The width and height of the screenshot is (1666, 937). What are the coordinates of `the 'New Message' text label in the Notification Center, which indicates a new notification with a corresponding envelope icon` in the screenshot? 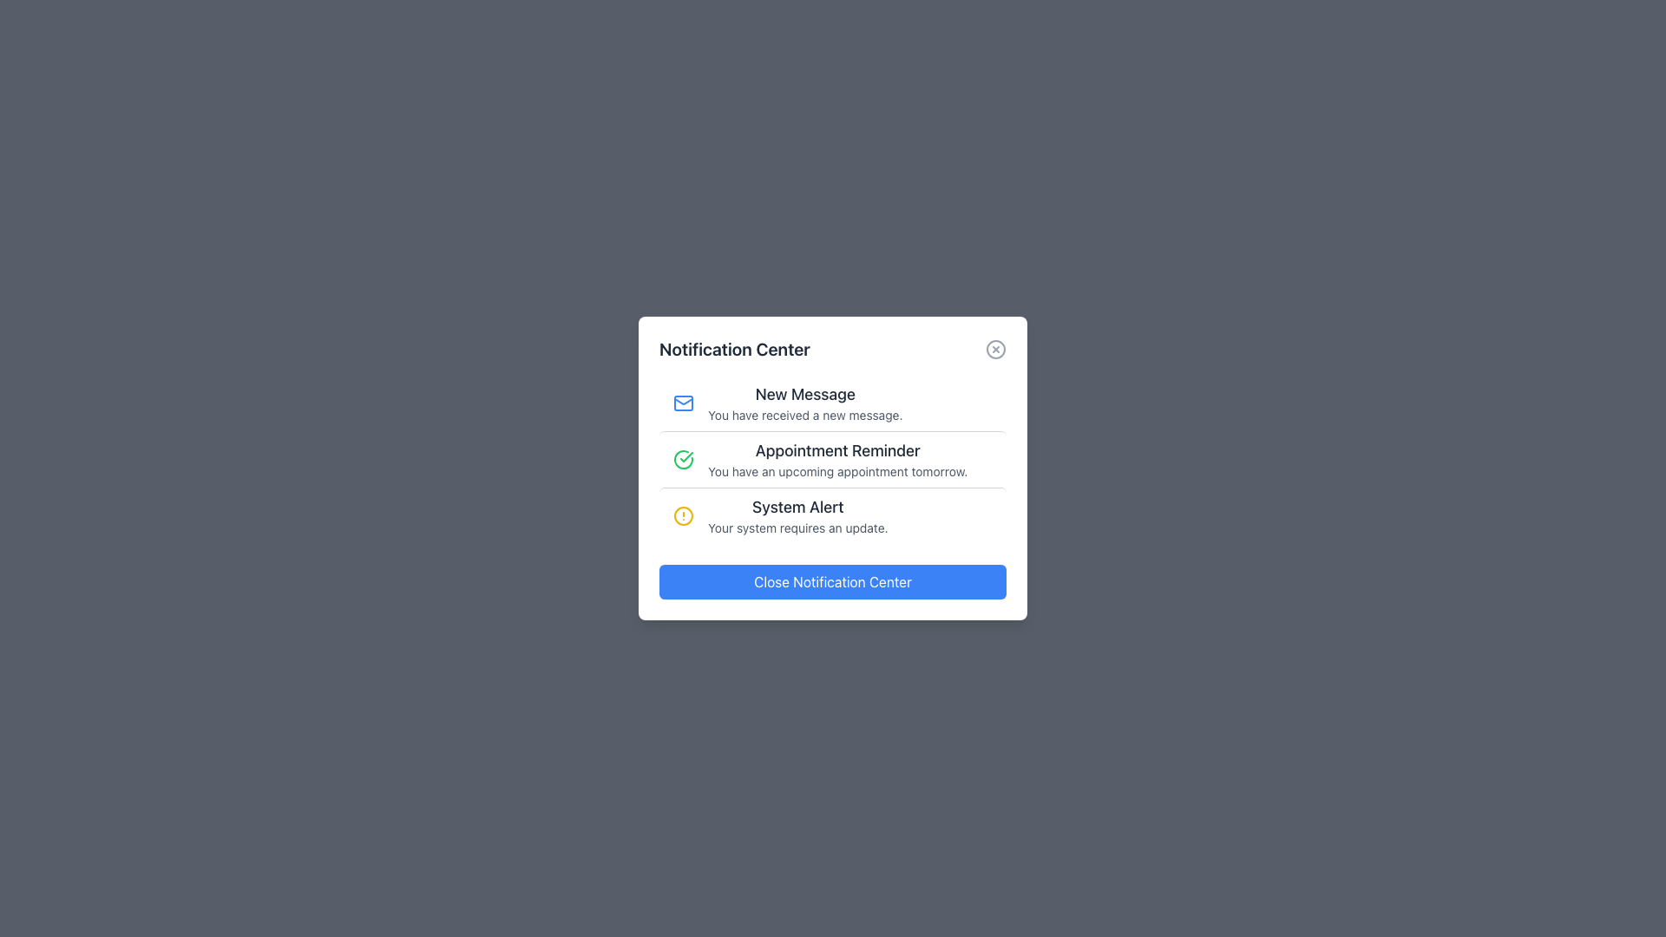 It's located at (804, 395).